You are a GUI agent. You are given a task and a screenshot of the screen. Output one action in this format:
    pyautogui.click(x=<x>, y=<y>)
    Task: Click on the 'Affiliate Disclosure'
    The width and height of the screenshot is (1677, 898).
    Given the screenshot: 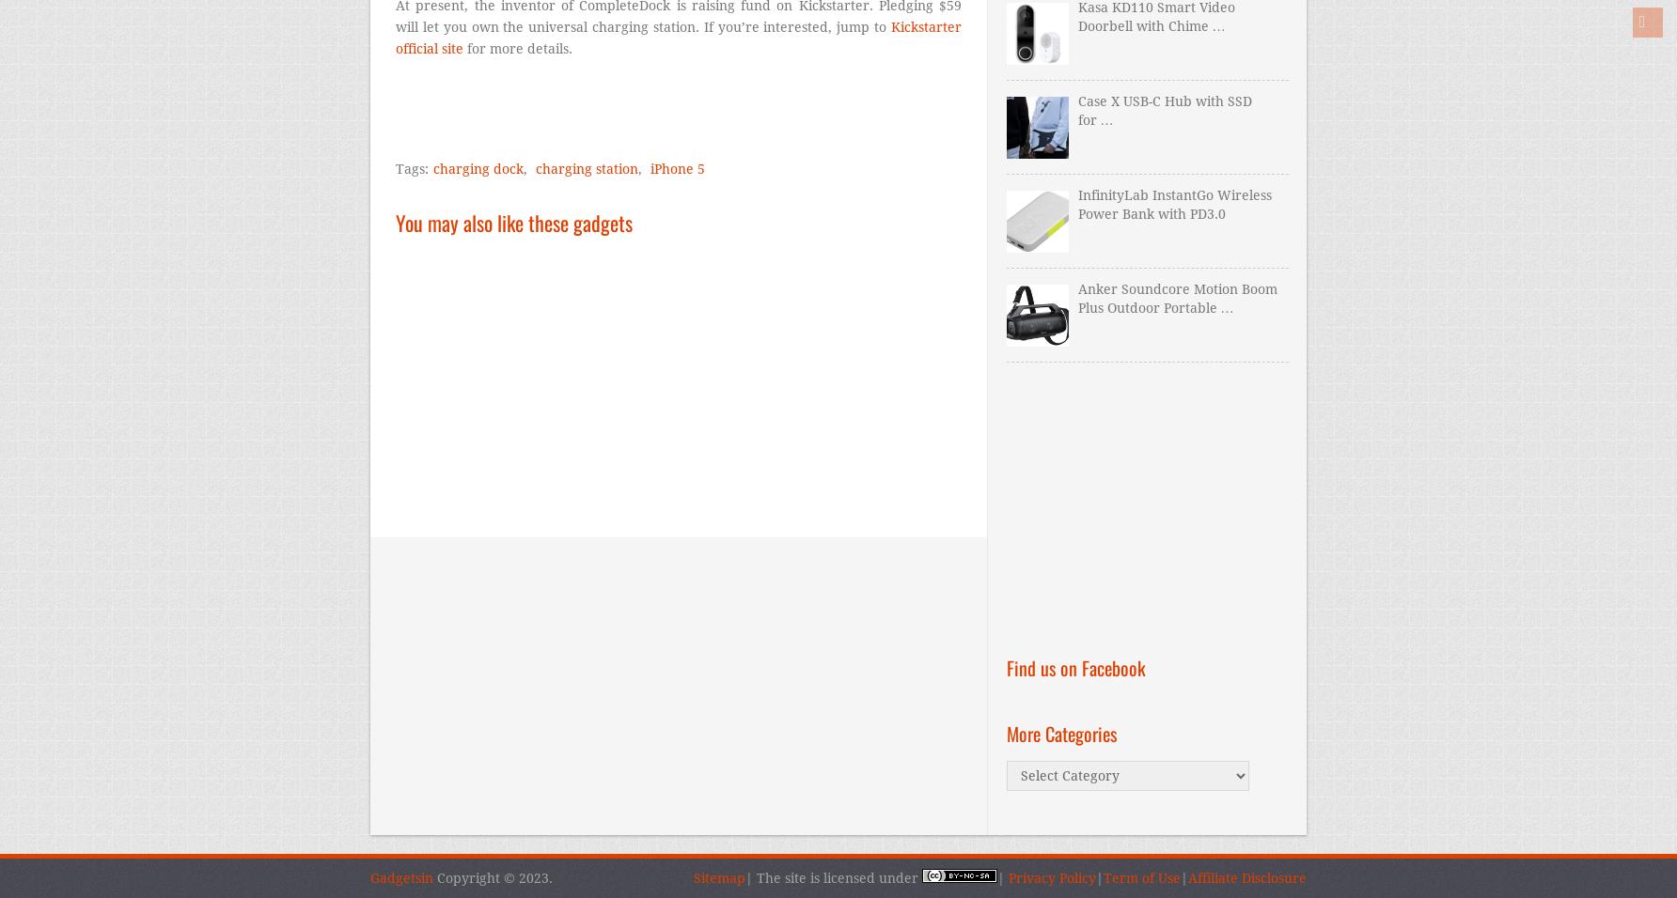 What is the action you would take?
    pyautogui.click(x=1246, y=877)
    